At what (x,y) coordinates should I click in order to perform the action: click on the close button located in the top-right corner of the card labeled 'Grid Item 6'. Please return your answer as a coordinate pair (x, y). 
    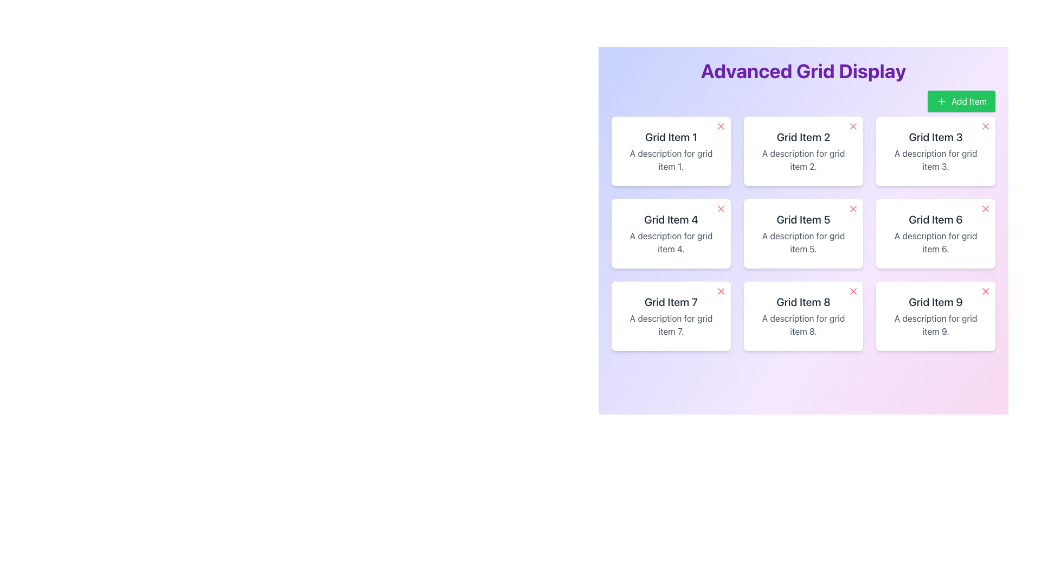
    Looking at the image, I should click on (986, 209).